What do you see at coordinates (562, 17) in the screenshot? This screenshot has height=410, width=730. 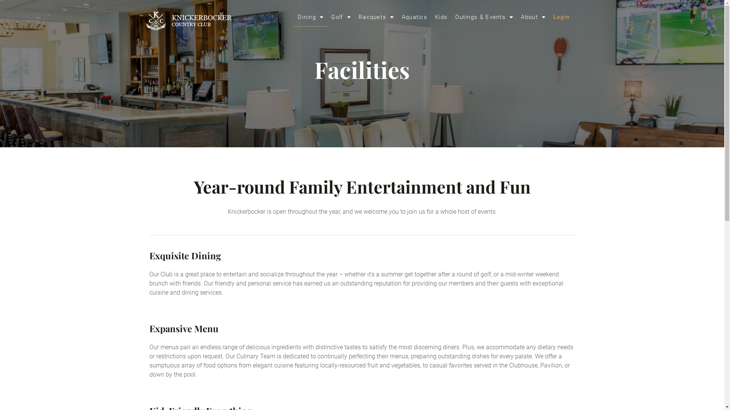 I see `'Login'` at bounding box center [562, 17].